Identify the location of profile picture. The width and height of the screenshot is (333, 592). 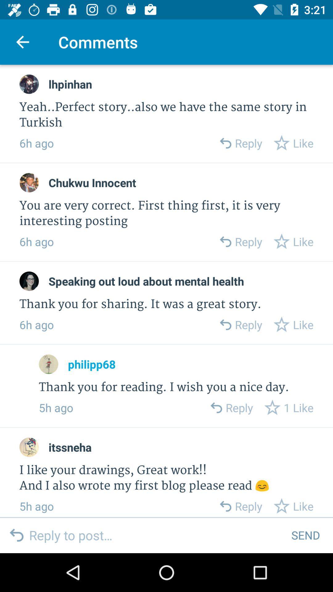
(29, 281).